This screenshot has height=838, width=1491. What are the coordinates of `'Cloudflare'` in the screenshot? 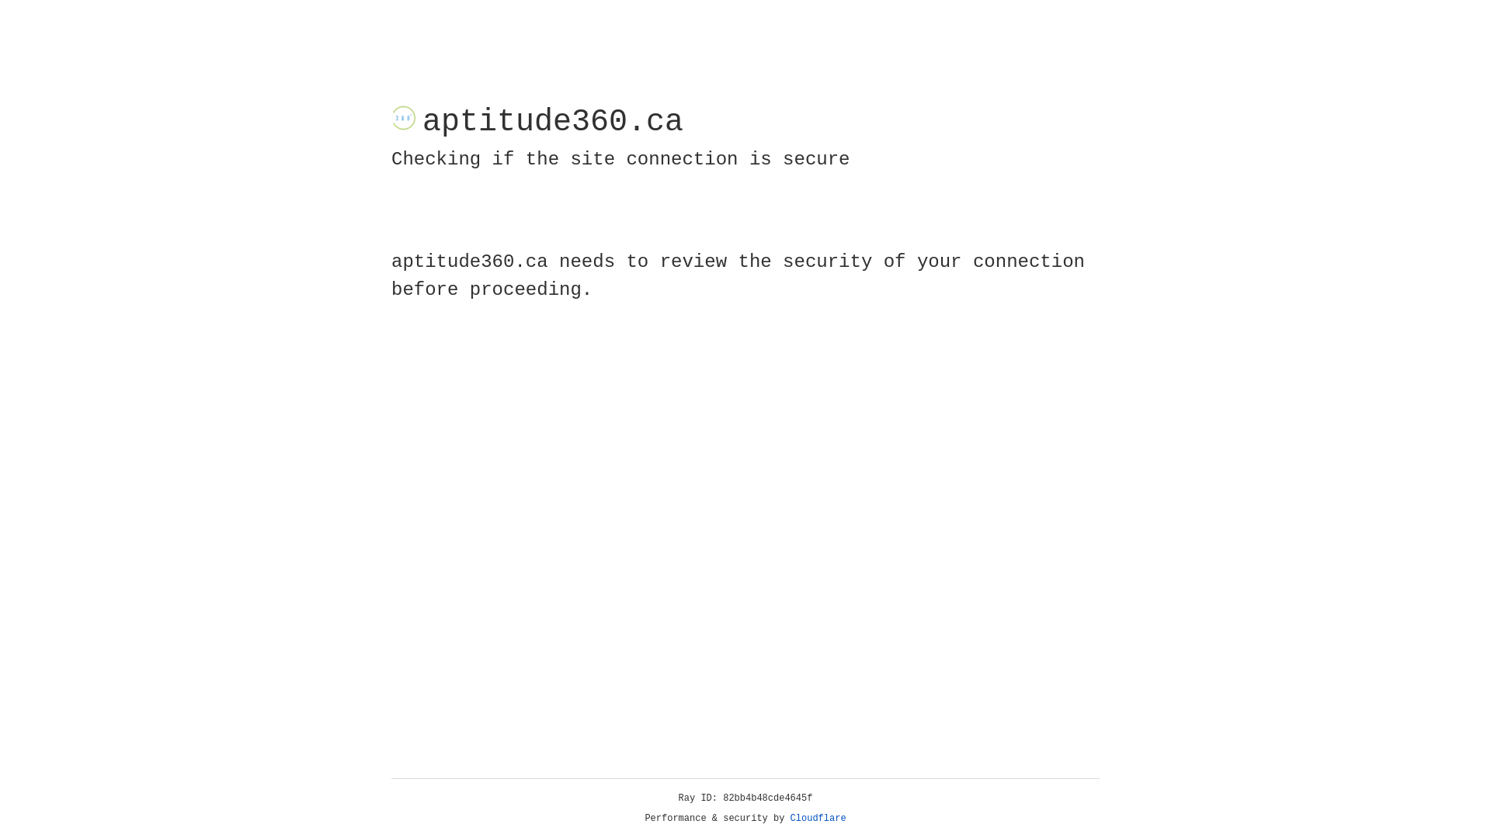 It's located at (818, 818).